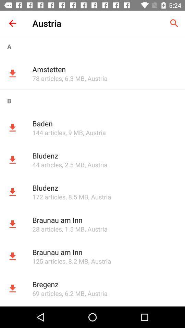 The width and height of the screenshot is (185, 328). Describe the element at coordinates (92, 46) in the screenshot. I see `a item` at that location.